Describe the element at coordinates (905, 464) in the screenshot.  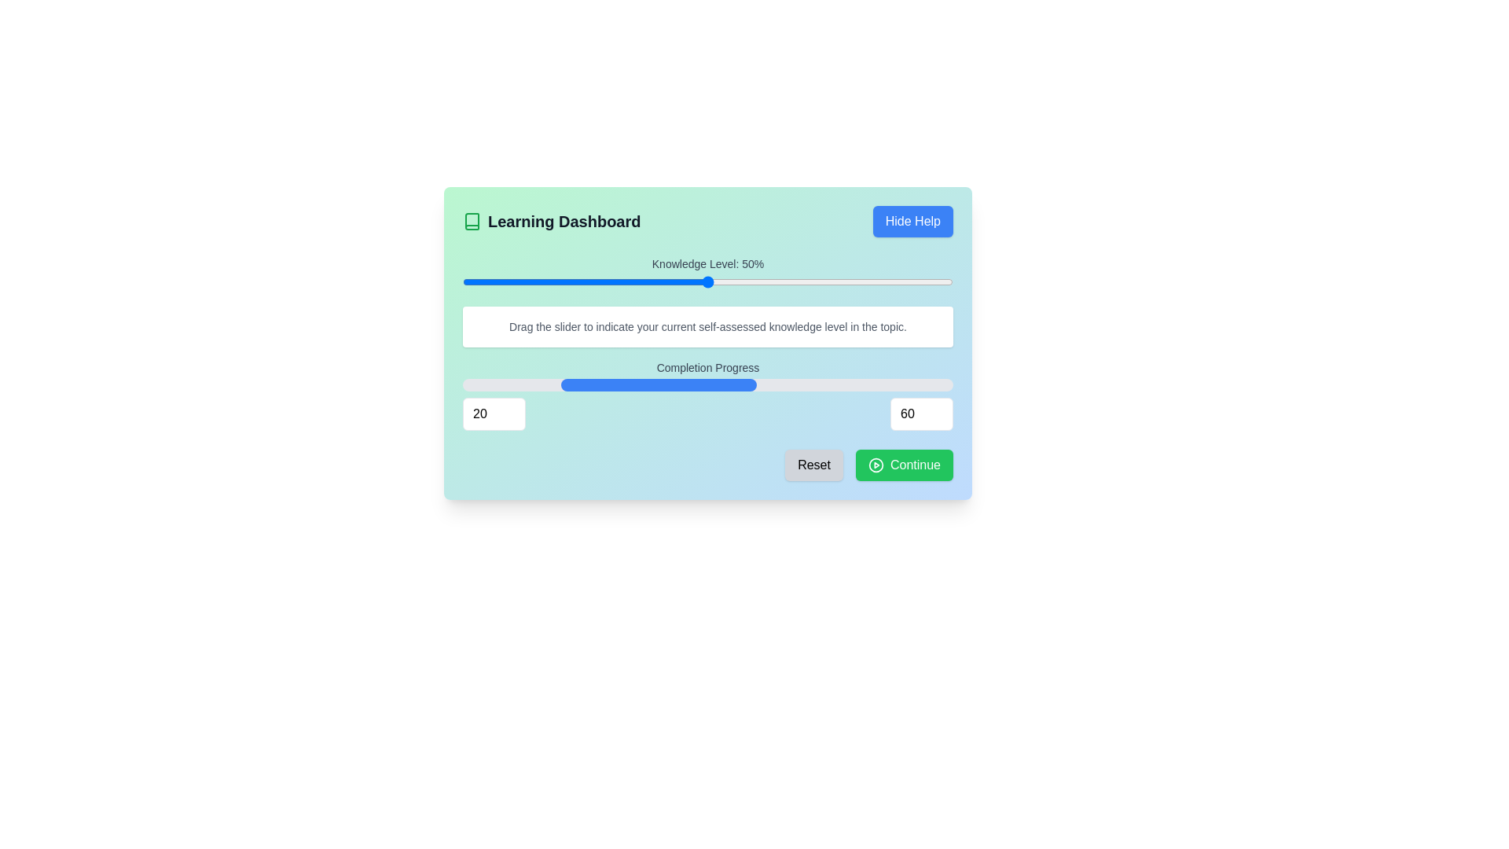
I see `the green 'Continue' button with rounded corners and a play icon to proceed` at that location.